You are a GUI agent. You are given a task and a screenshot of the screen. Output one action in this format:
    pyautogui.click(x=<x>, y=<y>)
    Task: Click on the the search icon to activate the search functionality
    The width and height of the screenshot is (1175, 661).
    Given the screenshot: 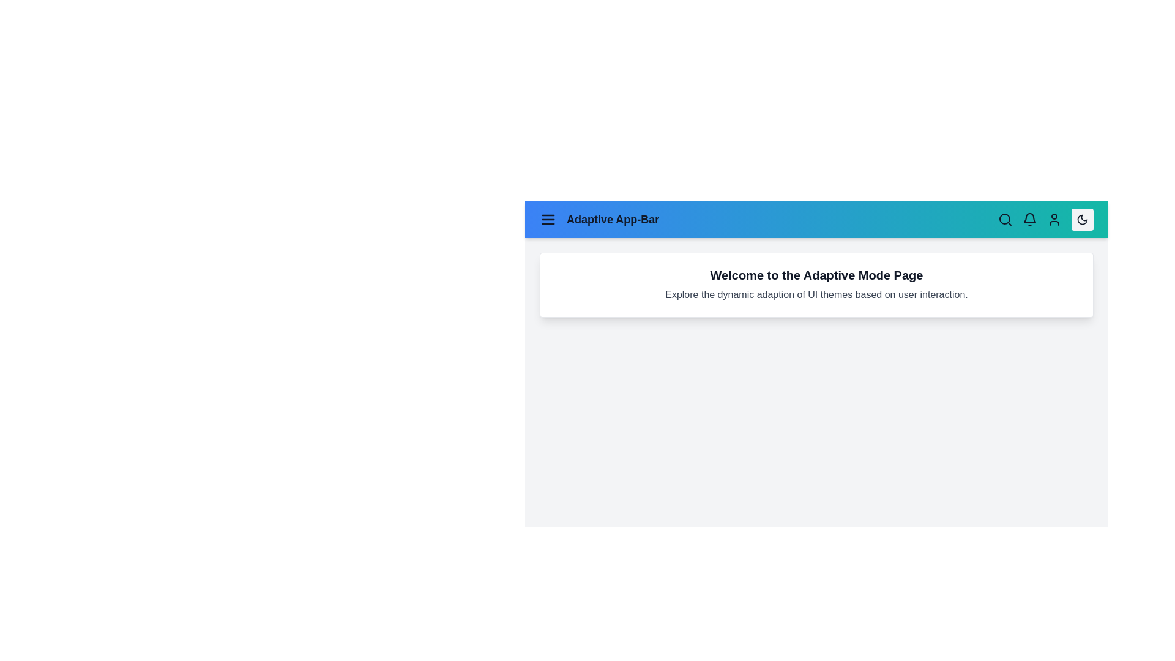 What is the action you would take?
    pyautogui.click(x=1005, y=218)
    